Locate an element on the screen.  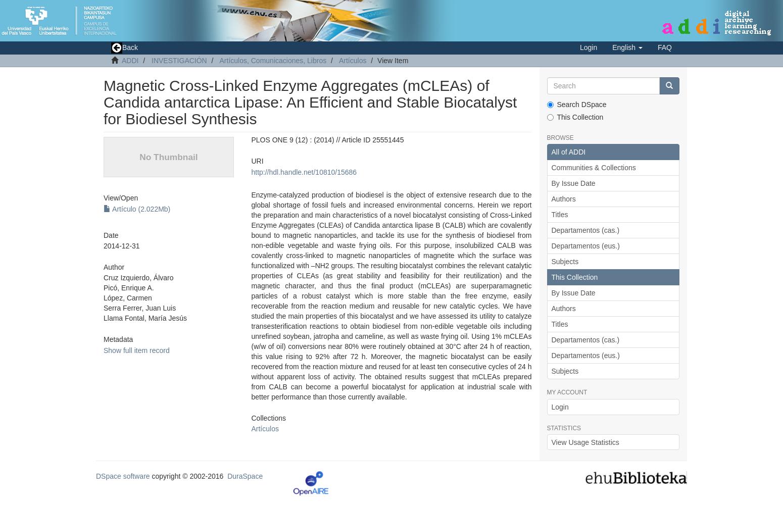
'ADDI' is located at coordinates (130, 60).